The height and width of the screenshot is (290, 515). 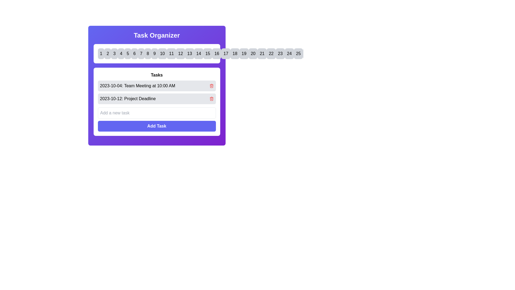 I want to click on the seventh button in the upper horizontal section of the interface, so click(x=141, y=54).